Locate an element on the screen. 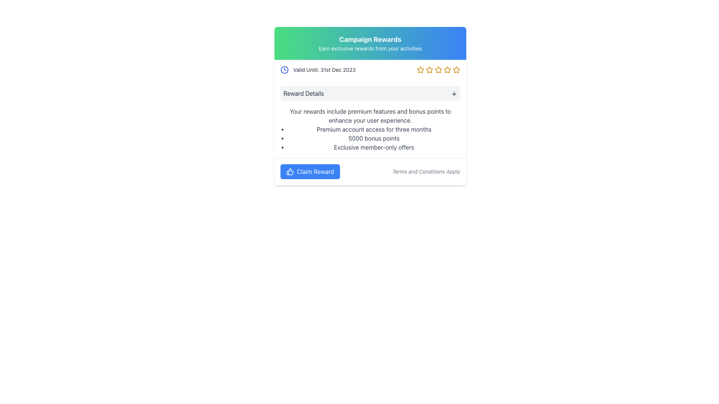  the fifth star-shaped rating icon, which is filled with a yellow-gold color and outlined with a white border is located at coordinates (456, 70).